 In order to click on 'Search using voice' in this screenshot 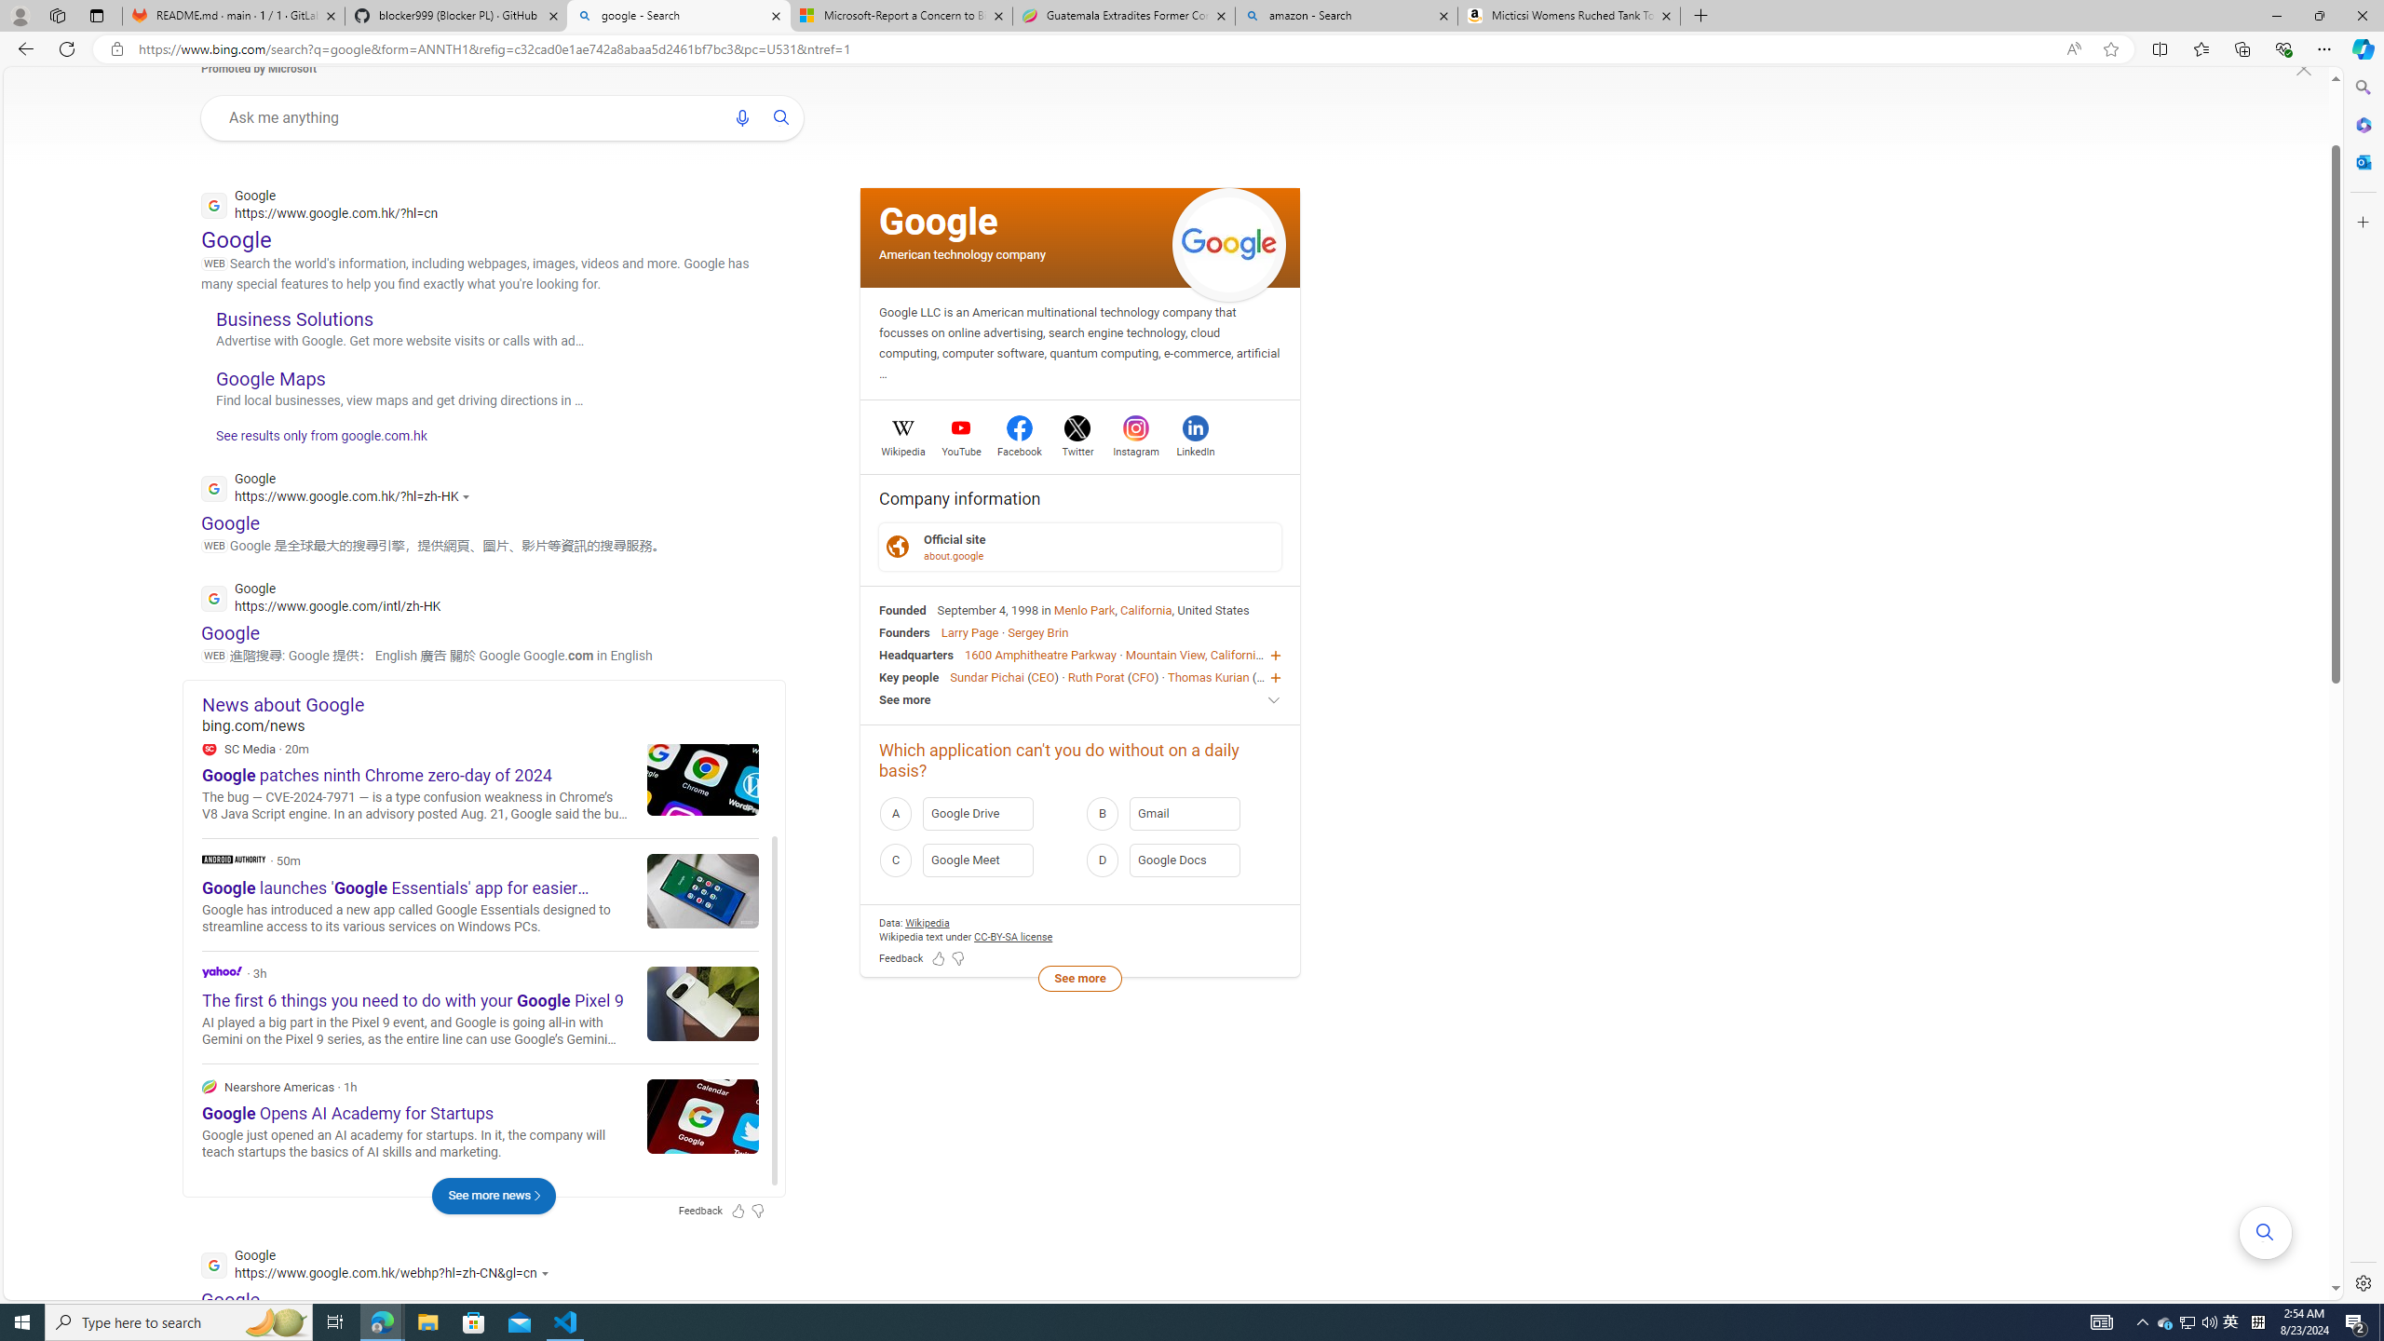, I will do `click(740, 117)`.